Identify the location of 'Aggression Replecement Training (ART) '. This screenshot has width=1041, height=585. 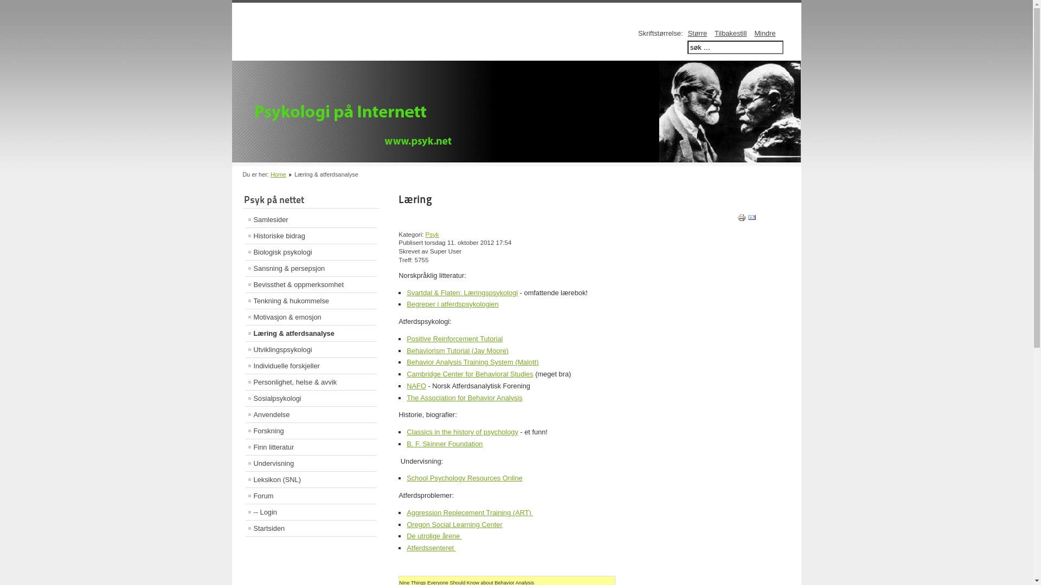
(470, 512).